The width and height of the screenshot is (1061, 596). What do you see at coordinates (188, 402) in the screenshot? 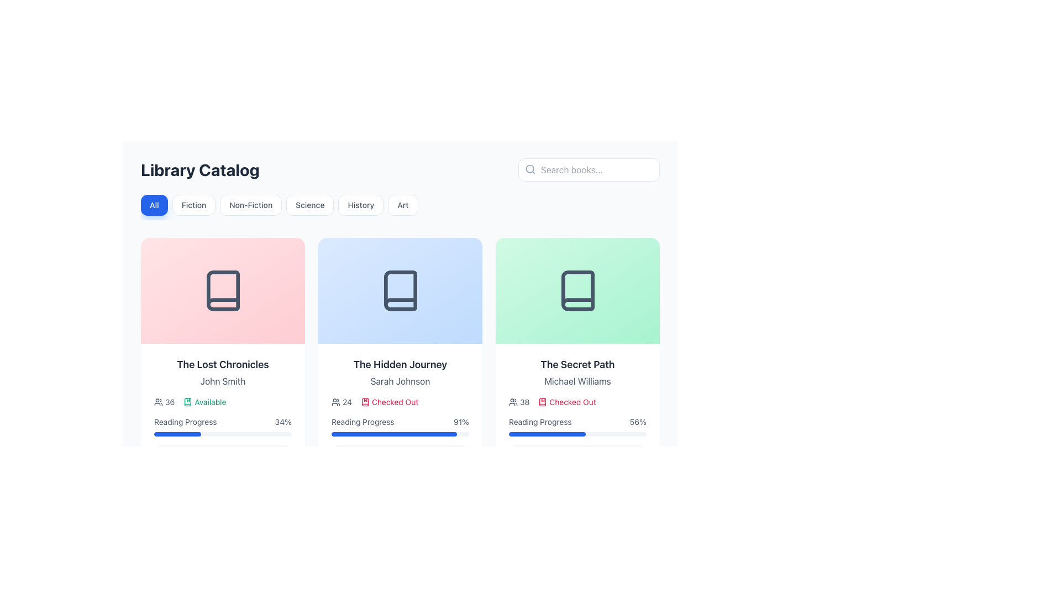
I see `the small emerald green book-like icon that indicates the availability status of 'The Lost Chronicles', located before the 'Available' status text` at bounding box center [188, 402].